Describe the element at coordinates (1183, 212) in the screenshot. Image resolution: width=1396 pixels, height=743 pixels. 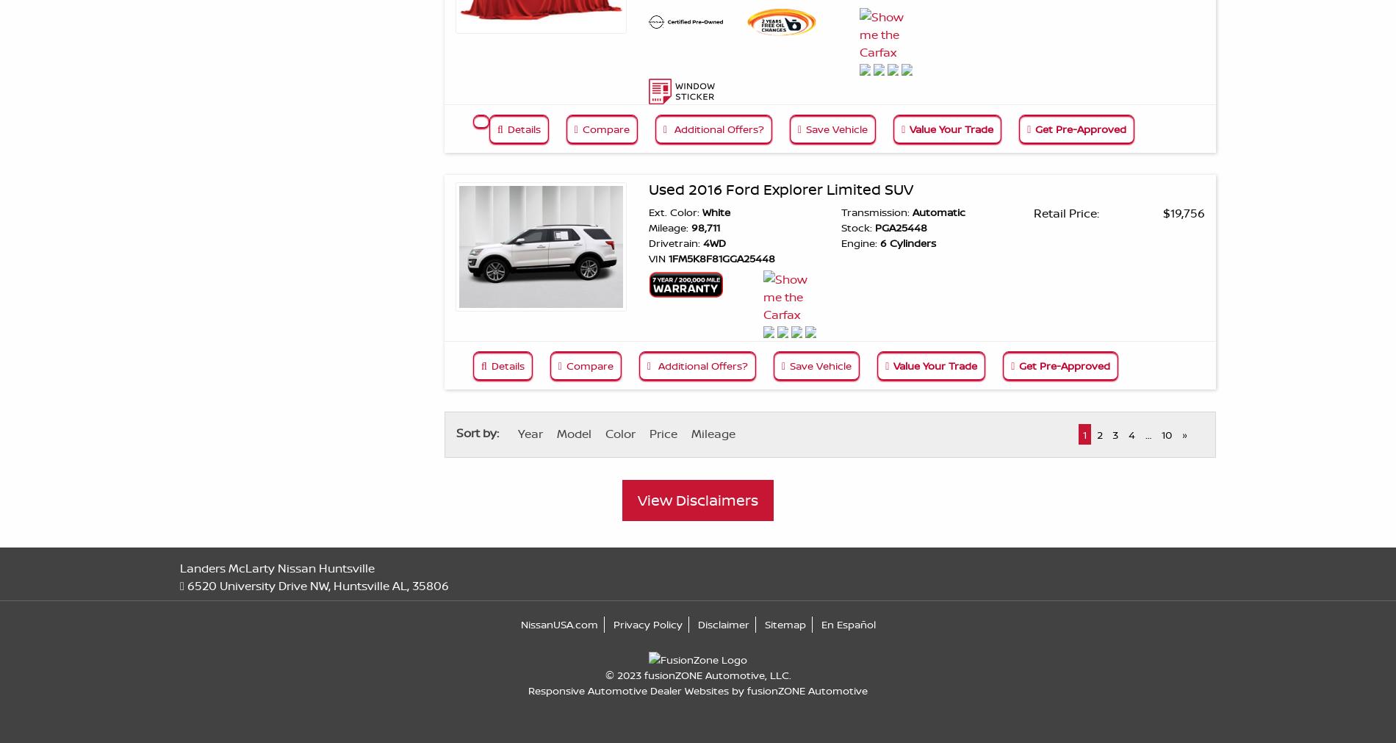
I see `'$19,756'` at that location.